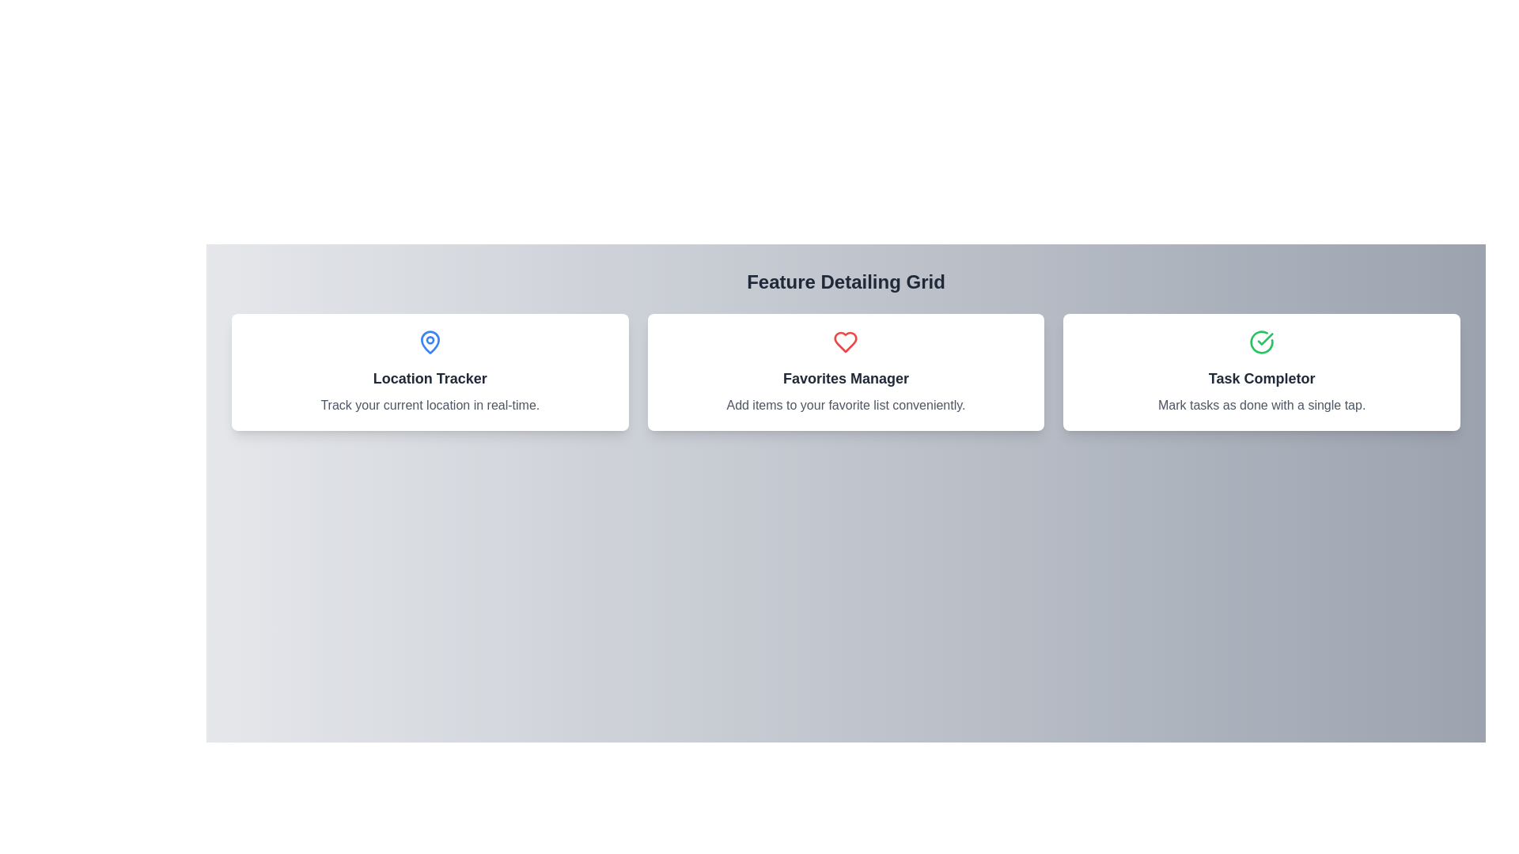 This screenshot has width=1519, height=854. Describe the element at coordinates (430, 405) in the screenshot. I see `text paragraph styled in gray, displaying 'Track your current location in real-time.' which is located within the 'Location Tracker' card, positioned below the title text` at that location.